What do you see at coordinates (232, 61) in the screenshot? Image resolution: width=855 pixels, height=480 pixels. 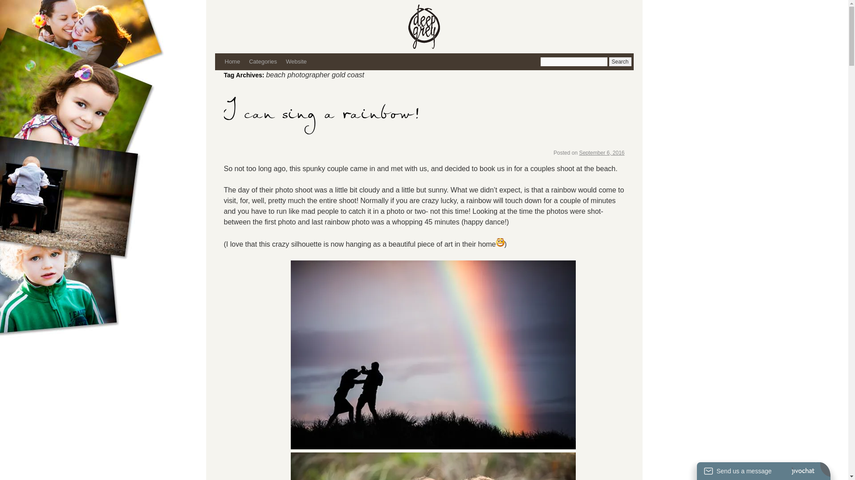 I see `'Home'` at bounding box center [232, 61].